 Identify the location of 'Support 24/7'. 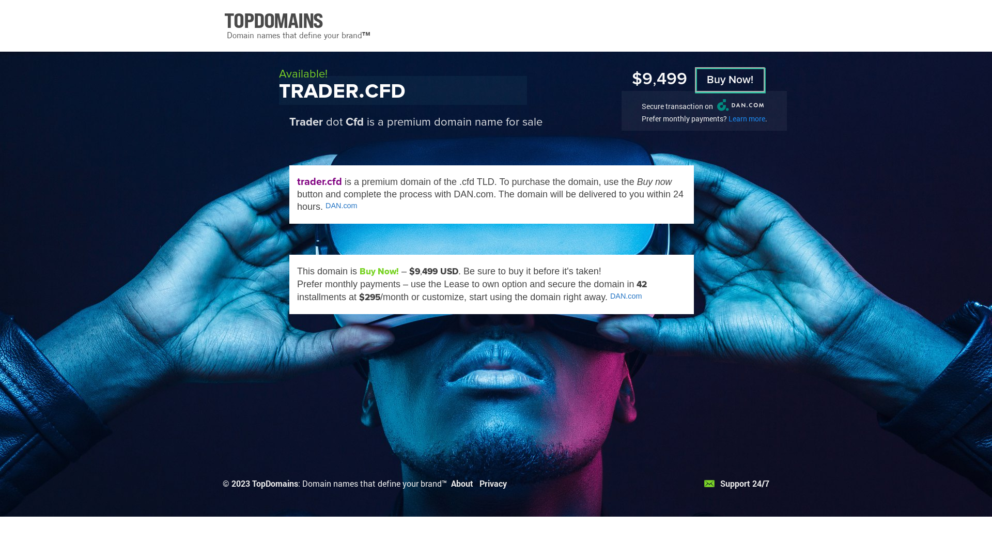
(736, 483).